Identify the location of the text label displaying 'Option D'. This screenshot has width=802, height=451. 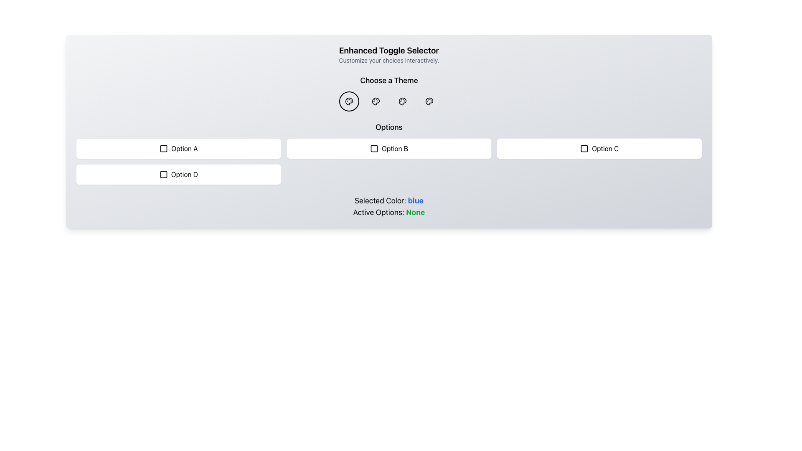
(184, 174).